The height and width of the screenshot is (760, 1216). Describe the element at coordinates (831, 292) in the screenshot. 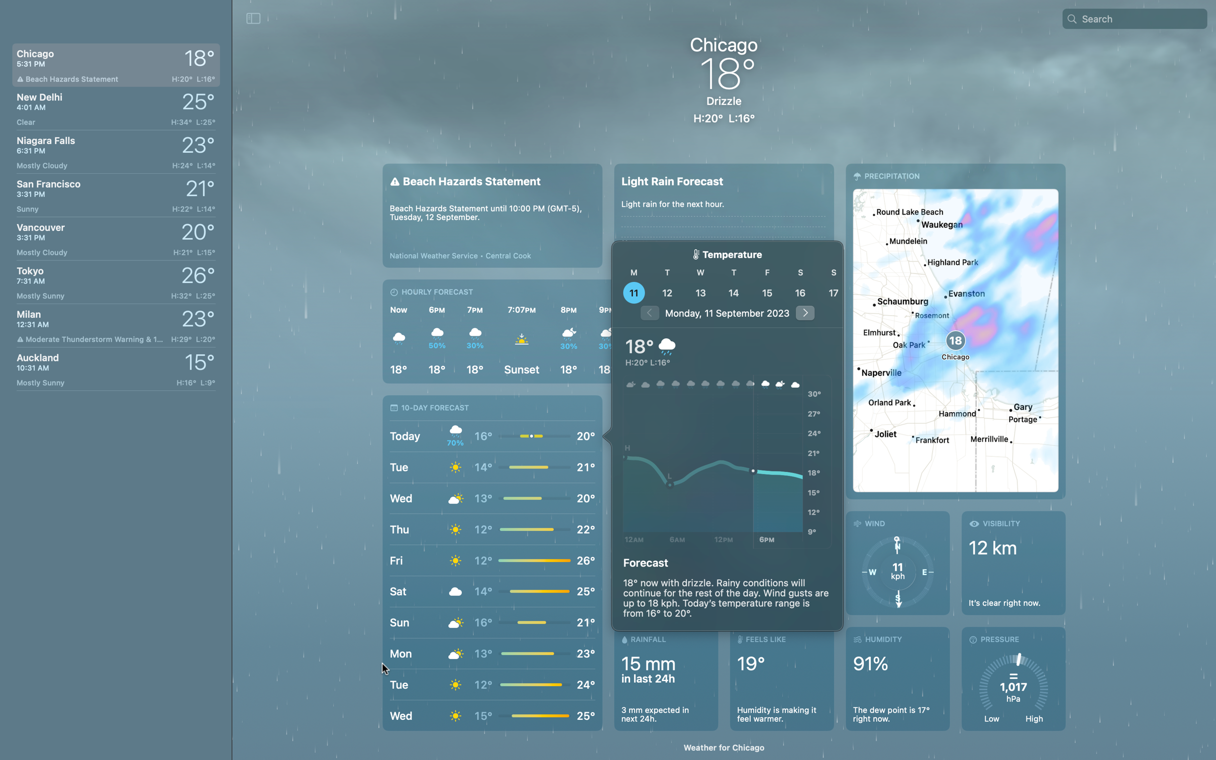

I see `Check the weather in Chicago for 17th` at that location.